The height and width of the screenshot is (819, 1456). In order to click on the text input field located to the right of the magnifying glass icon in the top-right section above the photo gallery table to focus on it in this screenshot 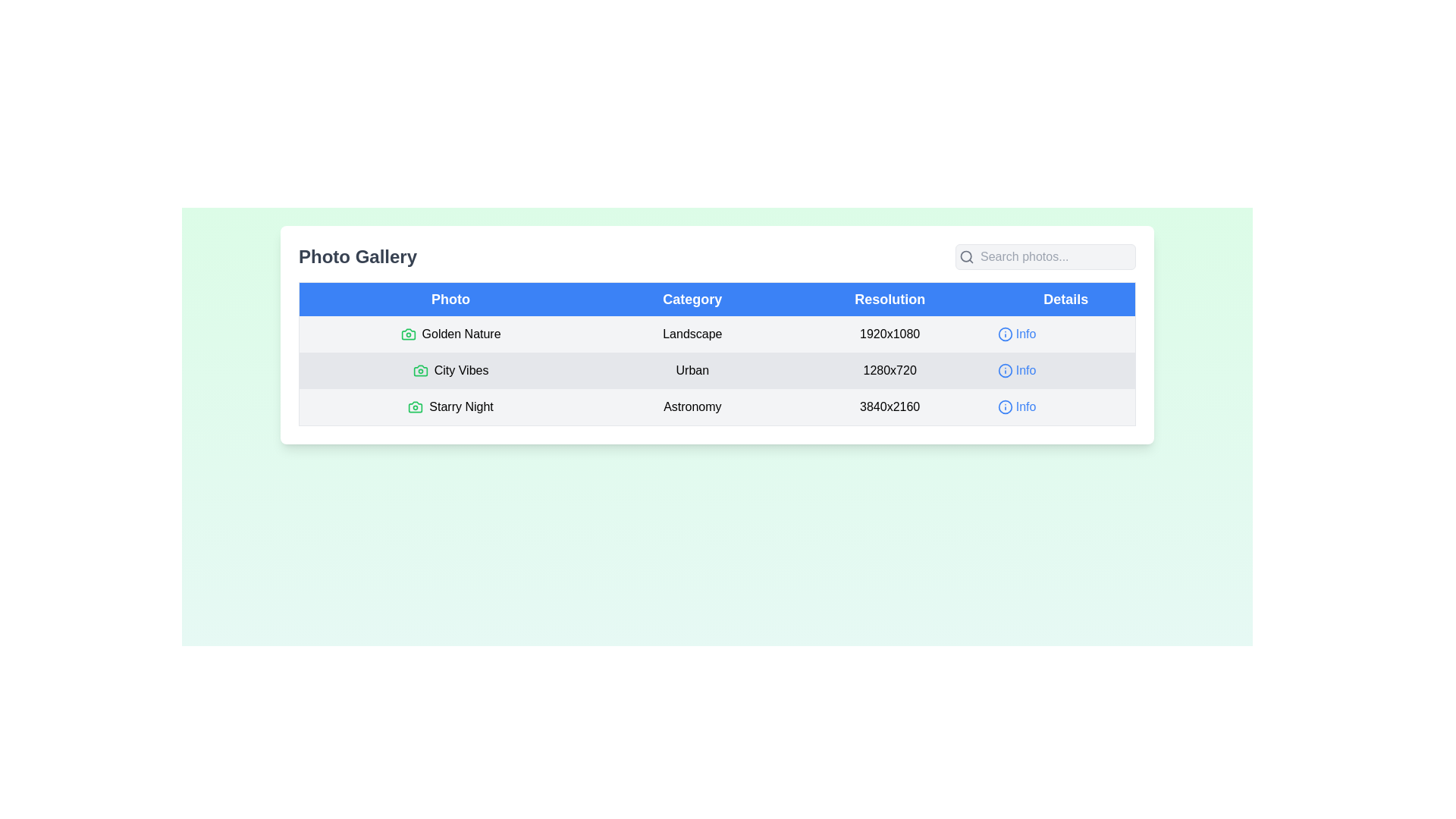, I will do `click(1055, 256)`.